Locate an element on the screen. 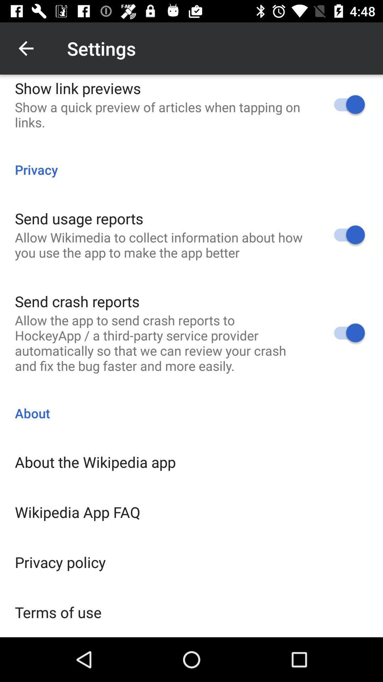  item to the left of settings is located at coordinates (26, 48).